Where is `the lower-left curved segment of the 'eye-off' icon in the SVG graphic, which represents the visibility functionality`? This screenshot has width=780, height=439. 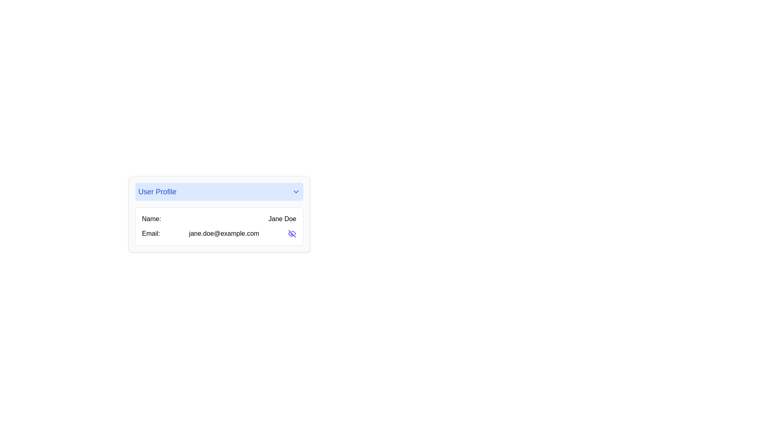 the lower-left curved segment of the 'eye-off' icon in the SVG graphic, which represents the visibility functionality is located at coordinates (291, 234).